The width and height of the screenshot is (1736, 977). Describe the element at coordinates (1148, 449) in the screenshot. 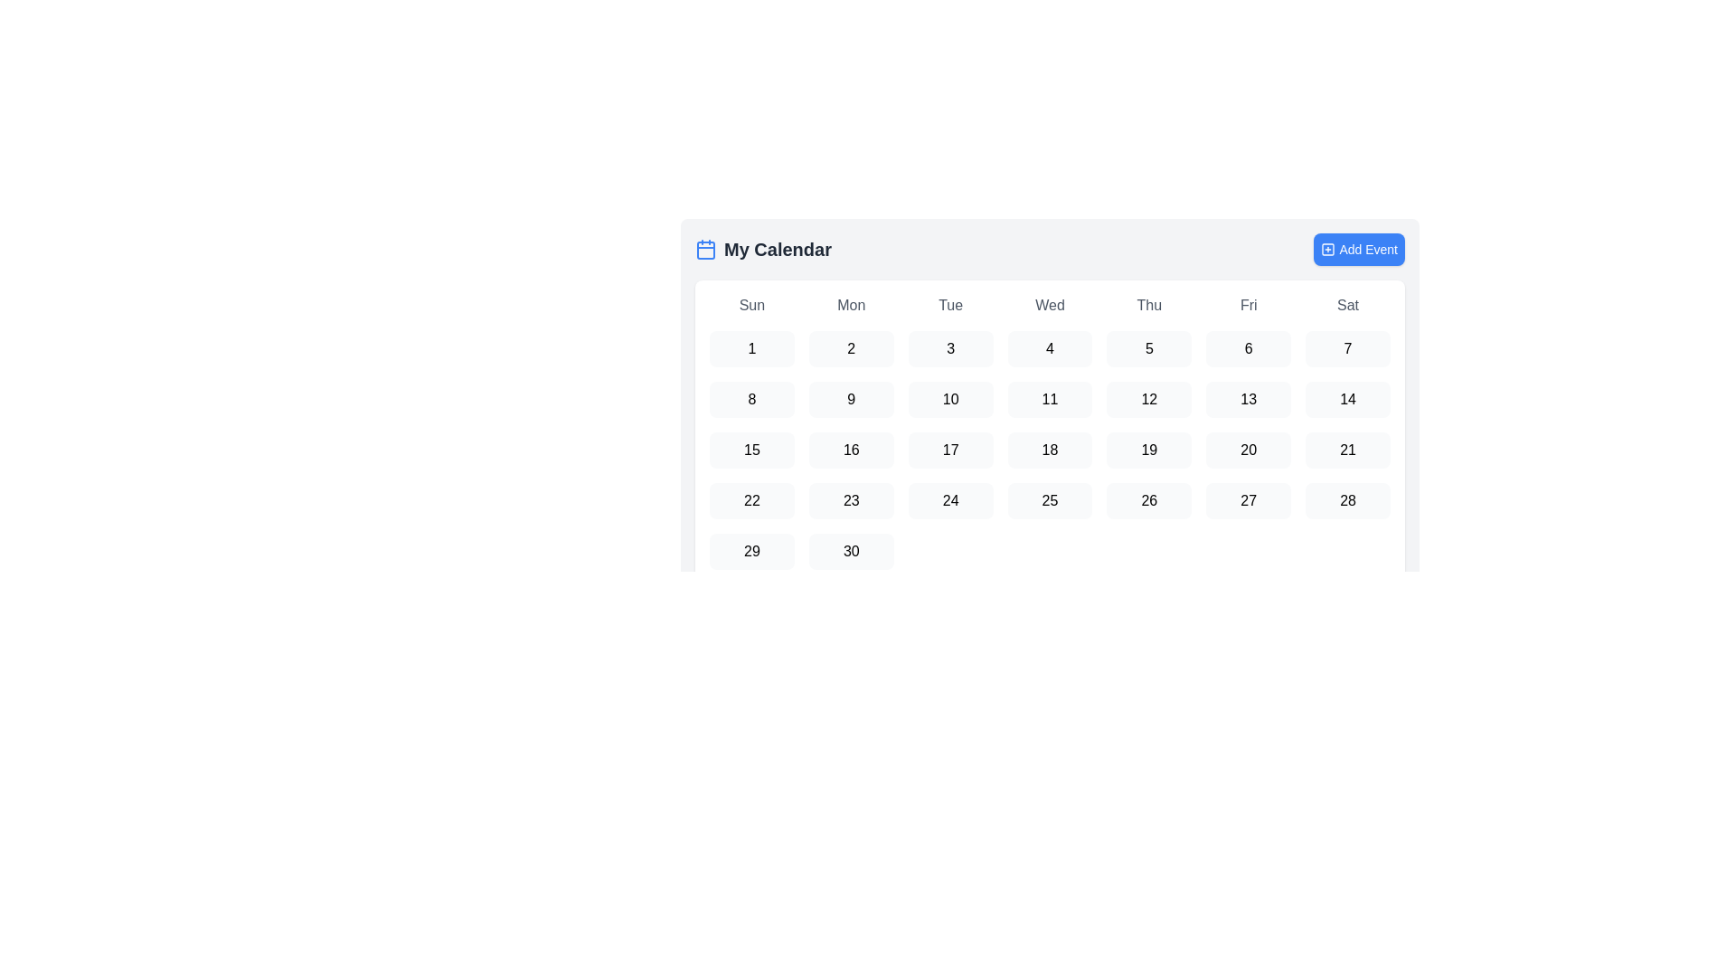

I see `the button with the text '19' located in the 5th column of the 4th row of a calendar component` at that location.